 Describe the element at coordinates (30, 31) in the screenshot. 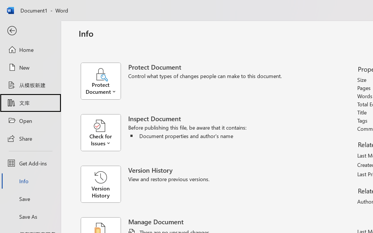

I see `'Back'` at that location.